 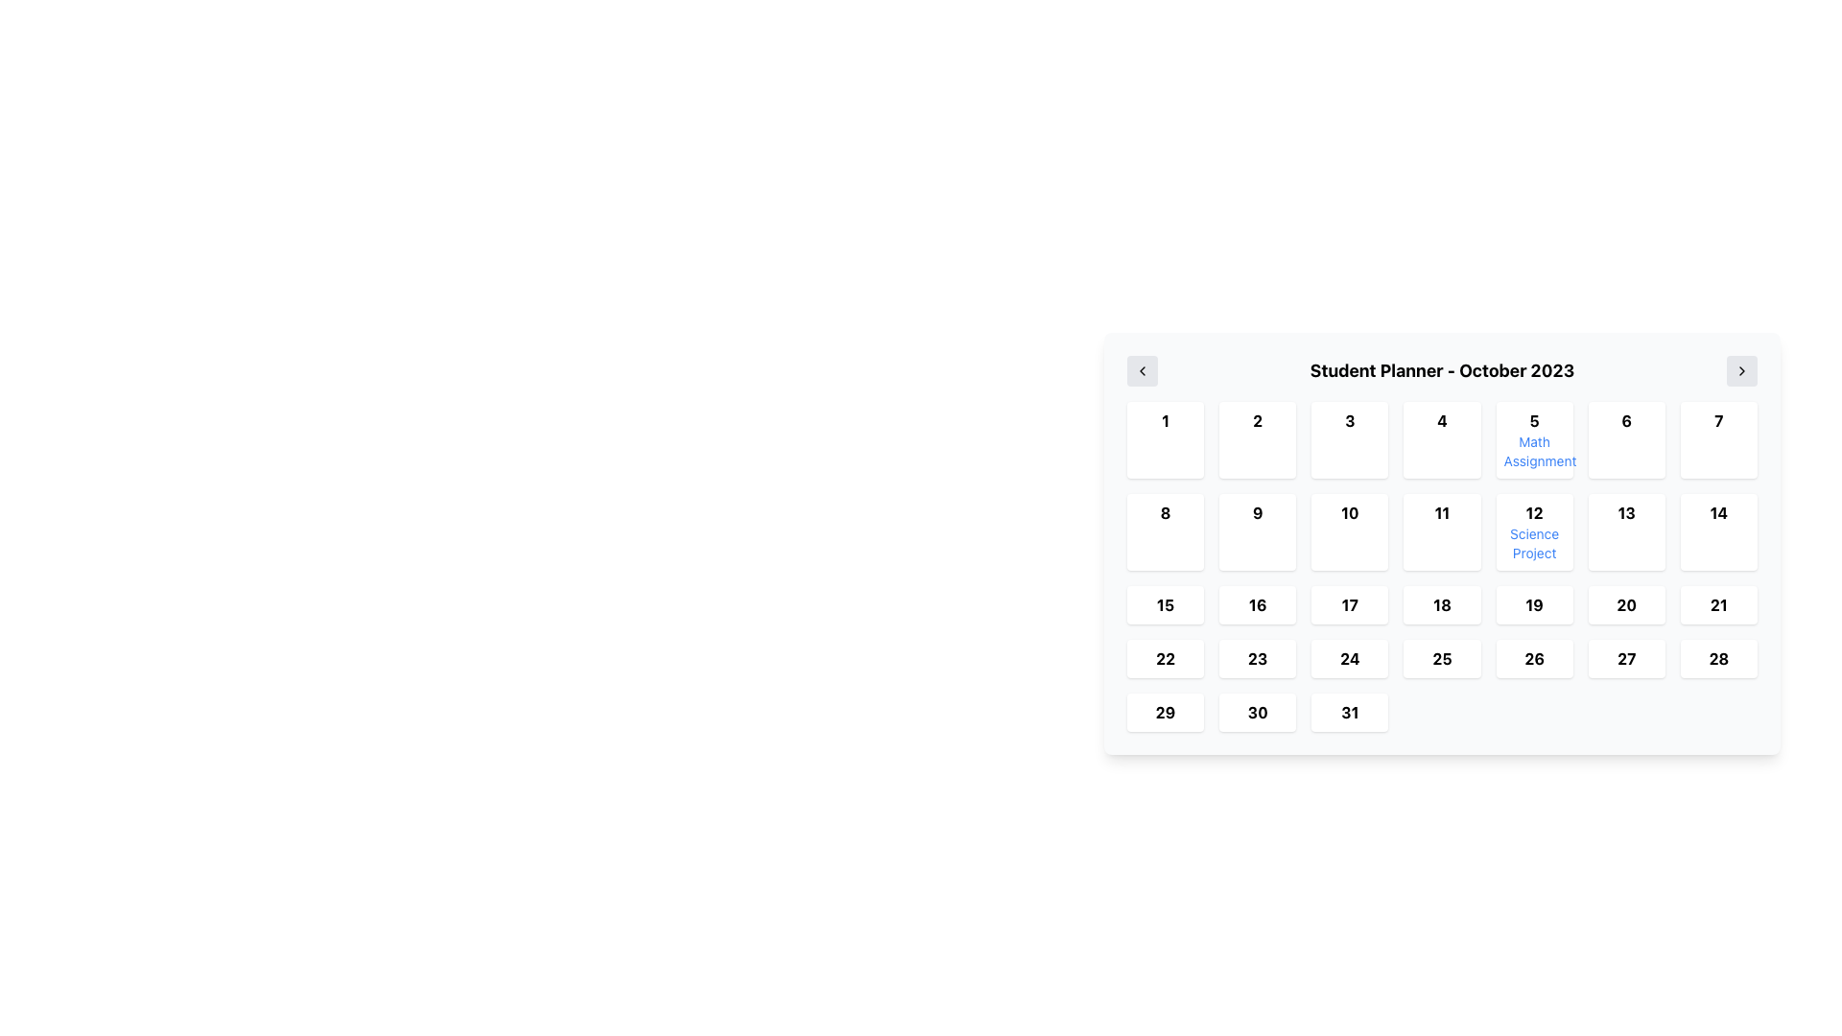 I want to click on the Calendar date cell displaying the number '12' in bold text, located above 'Science Project' in blue, so click(x=1533, y=532).